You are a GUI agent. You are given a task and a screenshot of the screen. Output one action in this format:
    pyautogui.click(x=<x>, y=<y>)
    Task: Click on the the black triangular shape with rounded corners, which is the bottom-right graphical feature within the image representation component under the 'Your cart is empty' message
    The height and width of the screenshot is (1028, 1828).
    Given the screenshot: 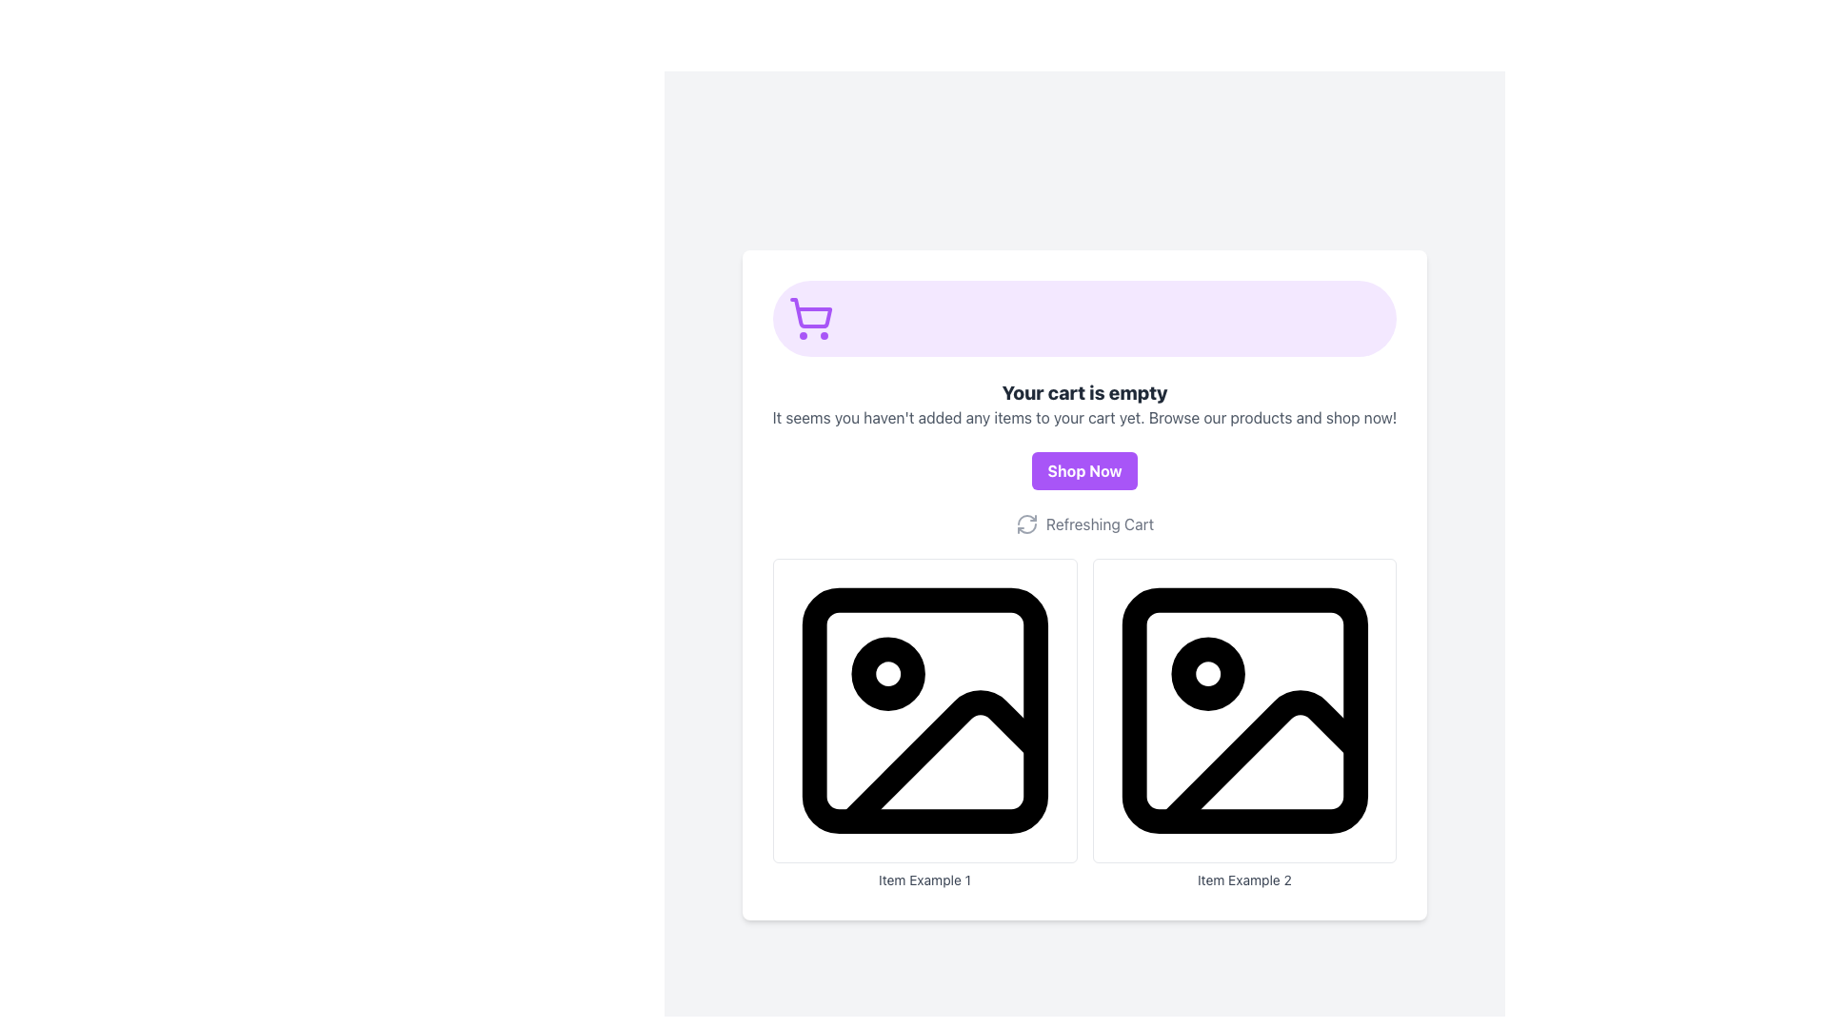 What is the action you would take?
    pyautogui.click(x=943, y=761)
    